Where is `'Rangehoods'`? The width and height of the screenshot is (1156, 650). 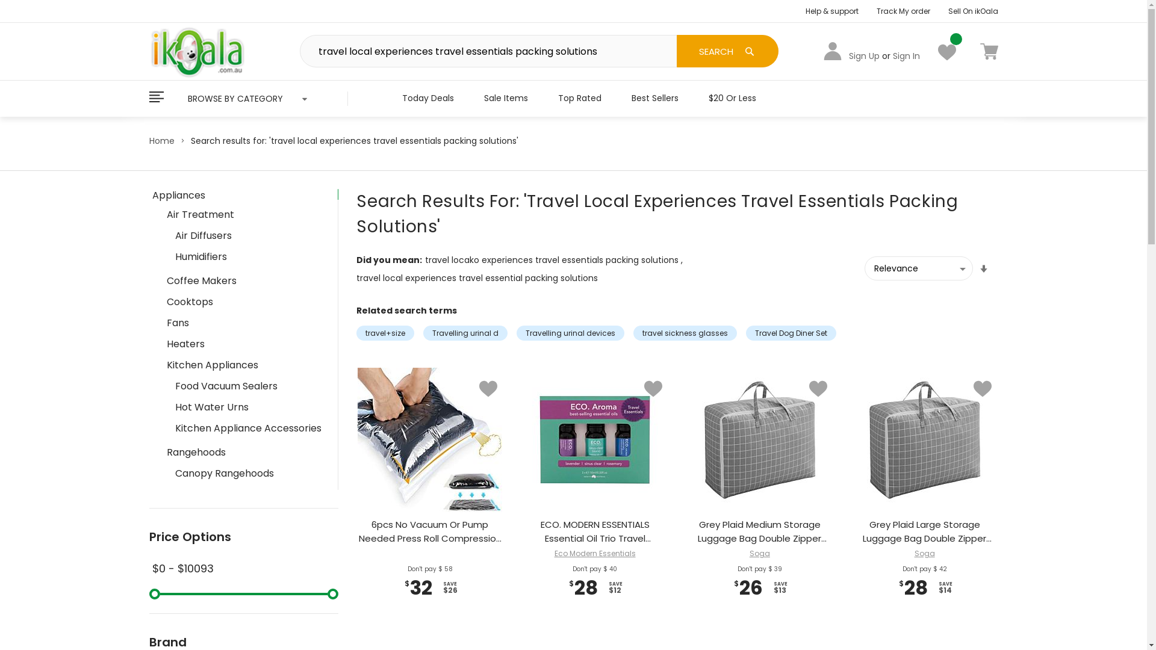 'Rangehoods' is located at coordinates (245, 452).